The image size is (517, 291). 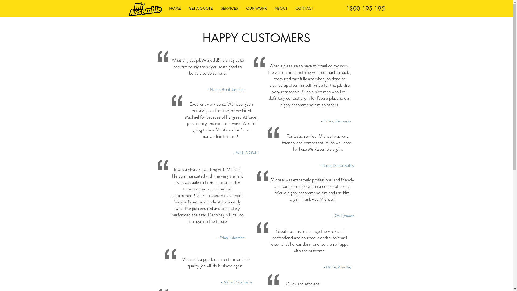 What do you see at coordinates (200, 8) in the screenshot?
I see `'GET A QUOTE'` at bounding box center [200, 8].